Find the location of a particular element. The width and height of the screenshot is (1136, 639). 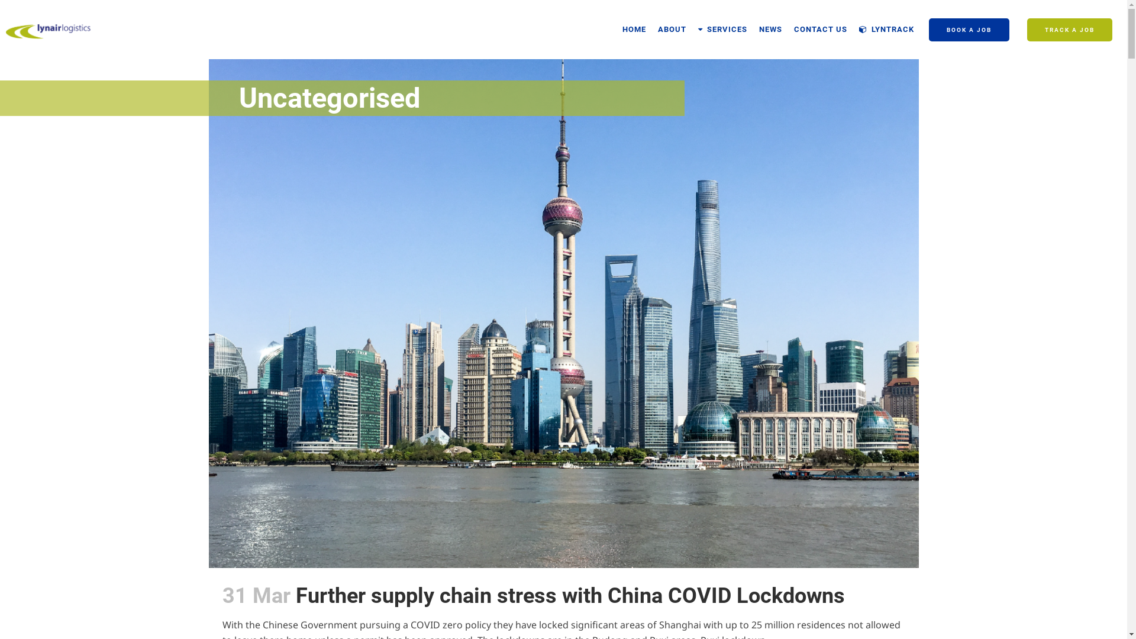

'TRACK A JOB' is located at coordinates (1070, 29).